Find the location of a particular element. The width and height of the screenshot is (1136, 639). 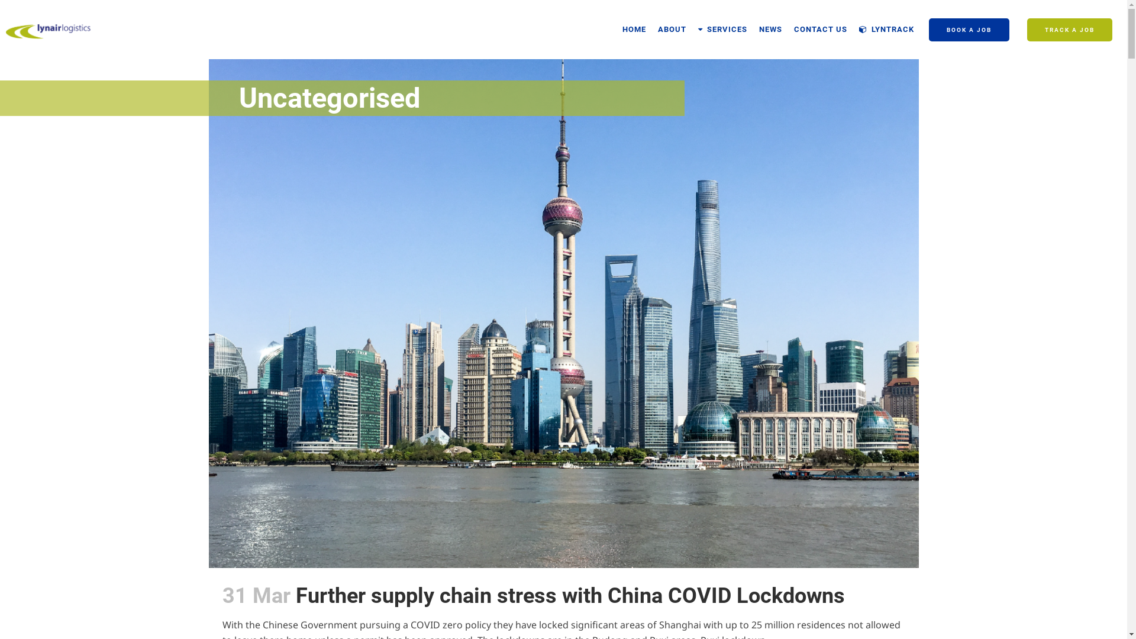

'TRACK A JOB' is located at coordinates (1070, 29).